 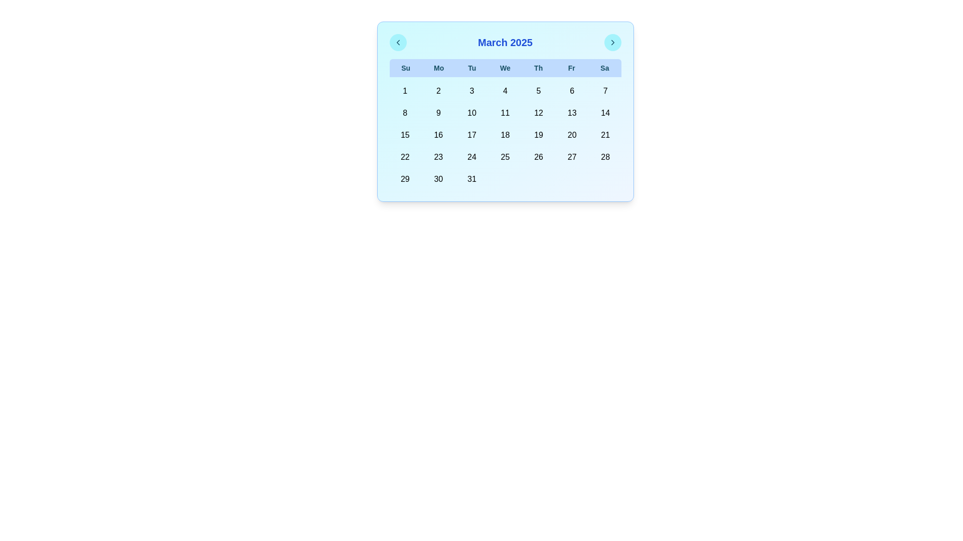 I want to click on the button representing the 21st day in the calendar view, so click(x=605, y=135).